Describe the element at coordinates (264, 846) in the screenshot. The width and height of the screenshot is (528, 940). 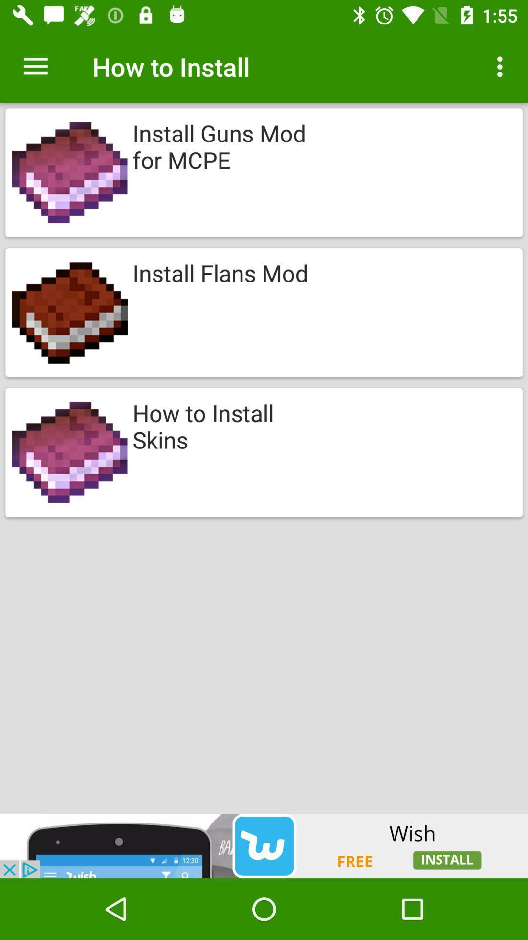
I see `open advertisement` at that location.